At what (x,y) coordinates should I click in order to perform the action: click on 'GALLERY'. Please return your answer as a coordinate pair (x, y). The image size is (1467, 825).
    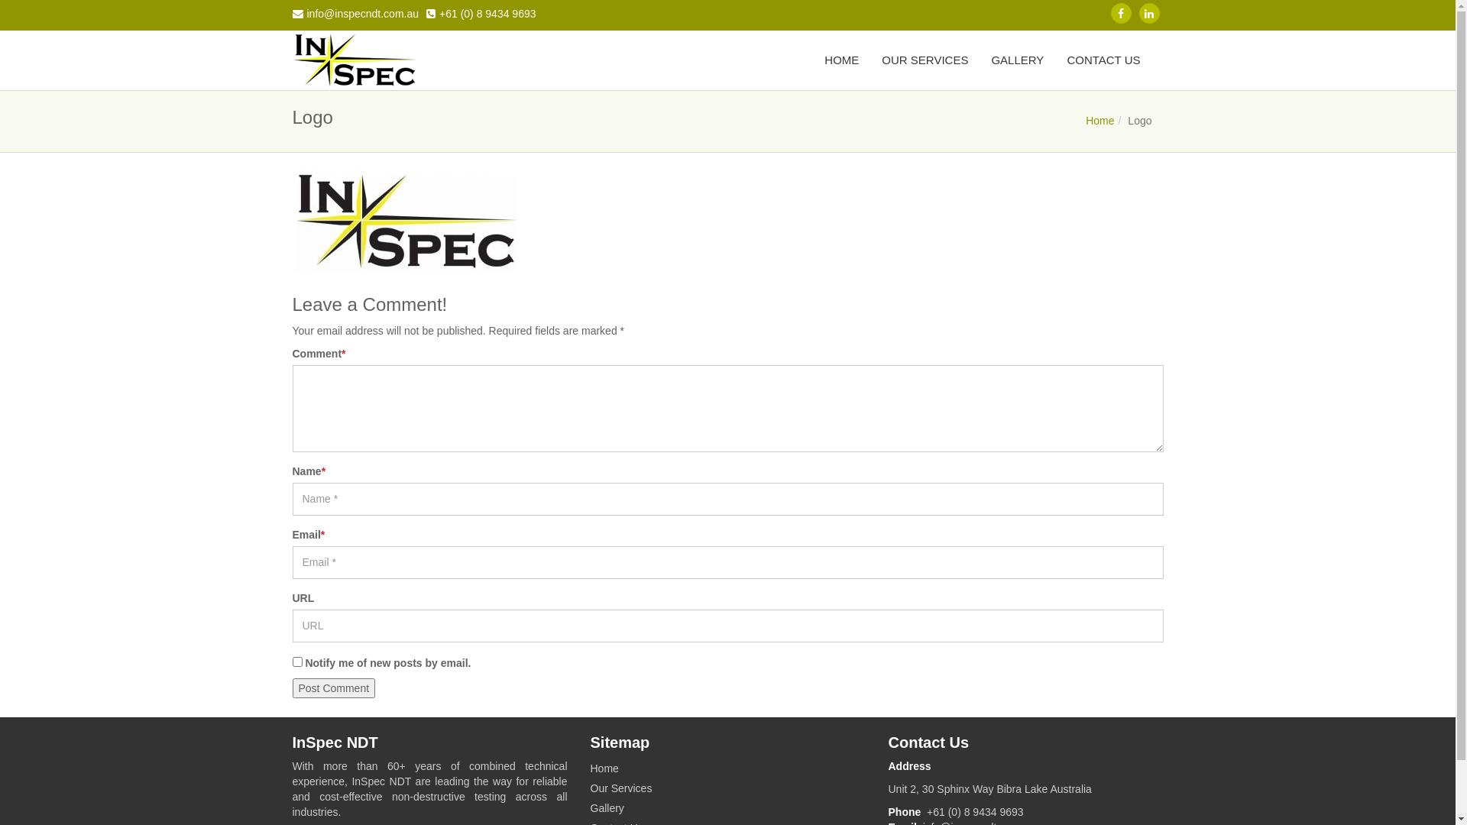
    Looking at the image, I should click on (1017, 59).